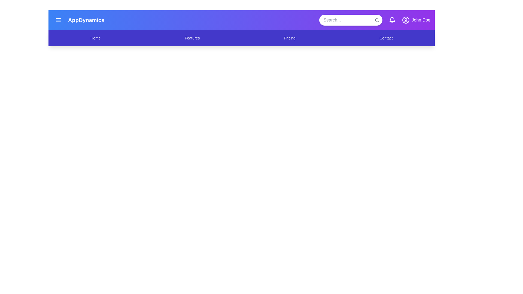  I want to click on the navigation link labeled Home, so click(95, 38).